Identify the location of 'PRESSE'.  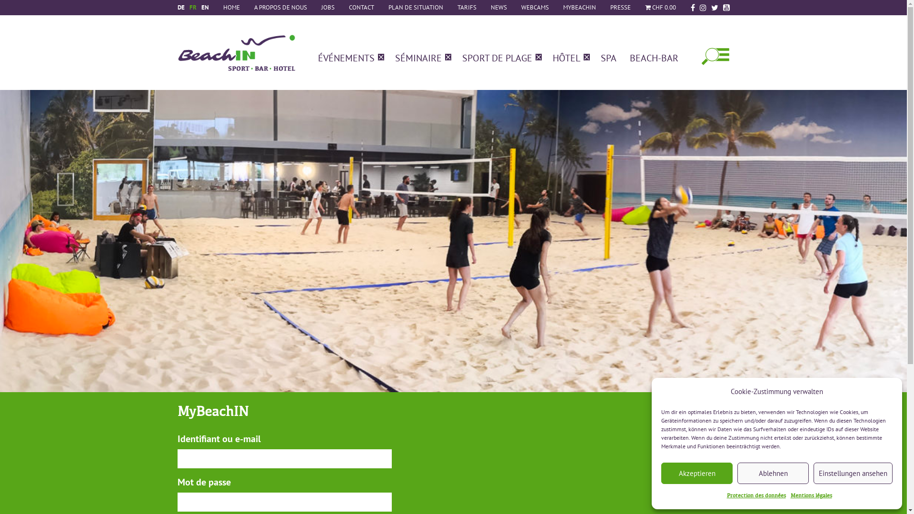
(620, 7).